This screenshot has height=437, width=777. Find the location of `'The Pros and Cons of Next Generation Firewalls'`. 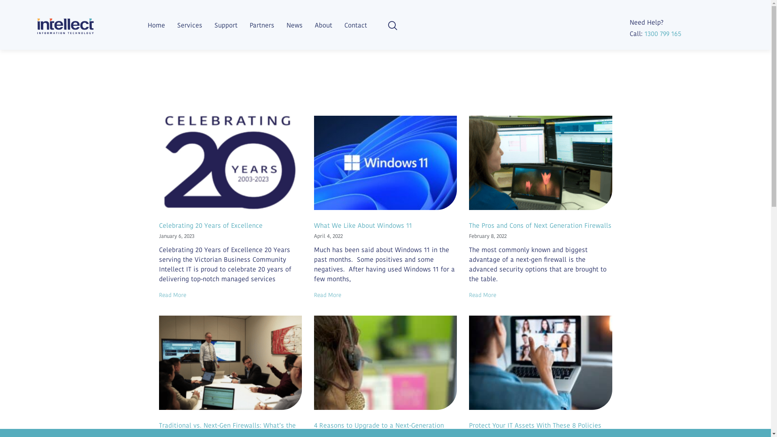

'The Pros and Cons of Next Generation Firewalls' is located at coordinates (540, 225).